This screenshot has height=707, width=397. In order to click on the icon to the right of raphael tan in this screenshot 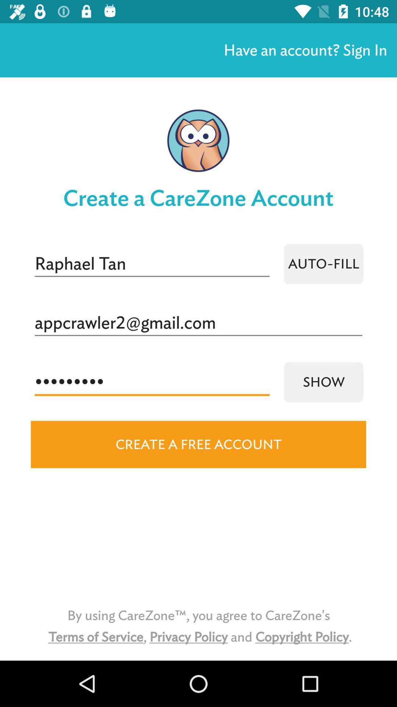, I will do `click(323, 264)`.